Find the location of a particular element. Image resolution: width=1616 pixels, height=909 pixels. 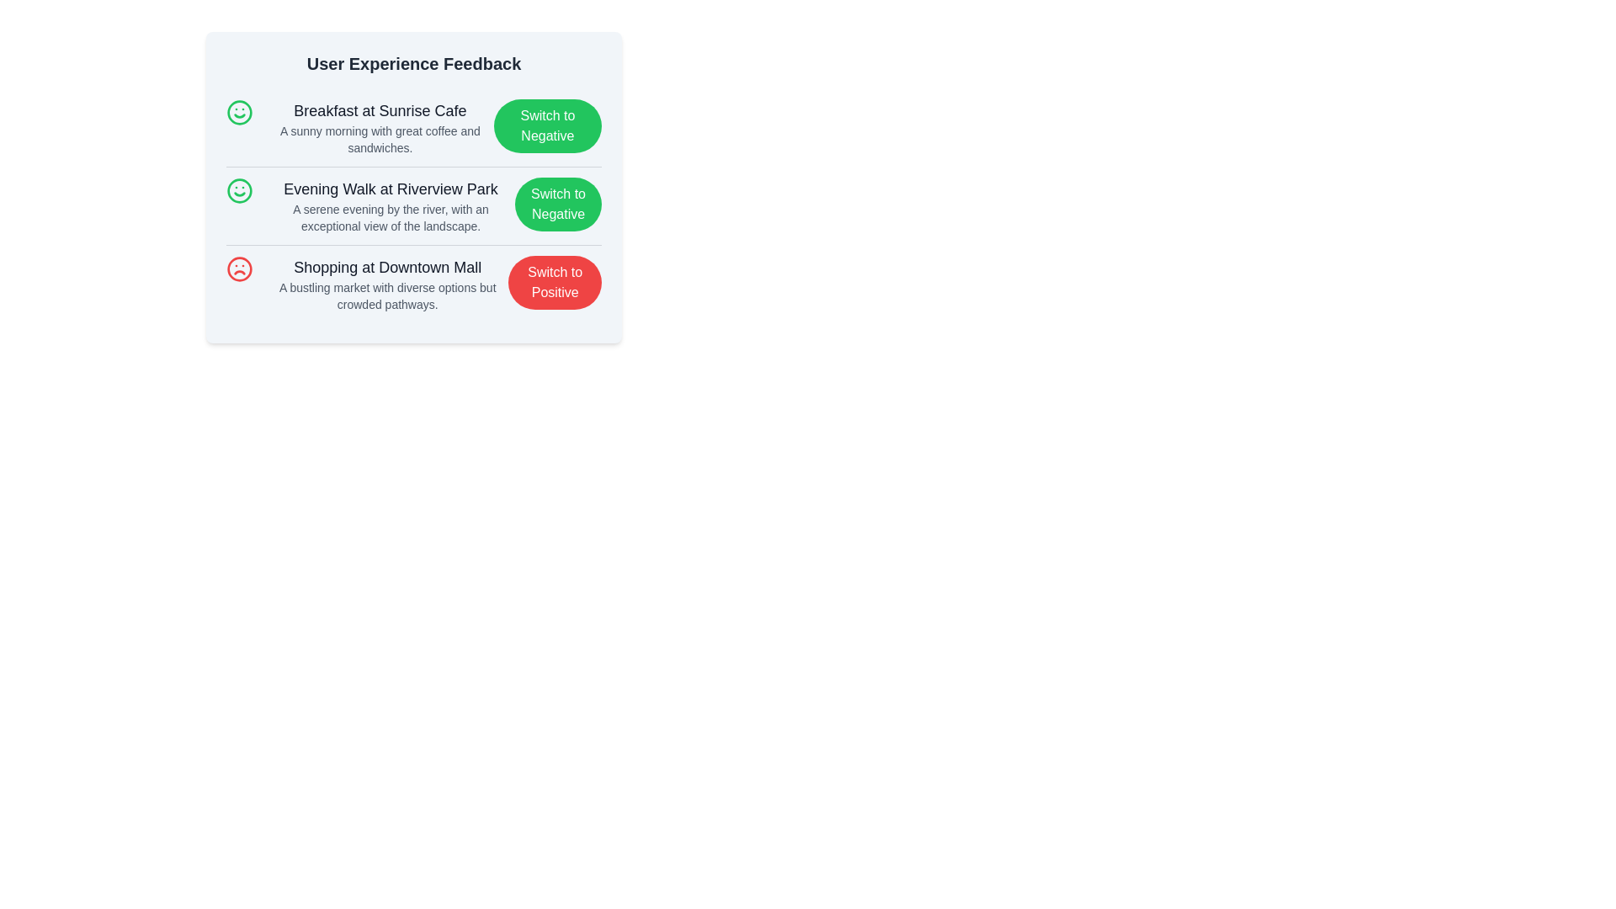

the sentiment icon for Evening Walk at Riverview Park is located at coordinates (238, 190).